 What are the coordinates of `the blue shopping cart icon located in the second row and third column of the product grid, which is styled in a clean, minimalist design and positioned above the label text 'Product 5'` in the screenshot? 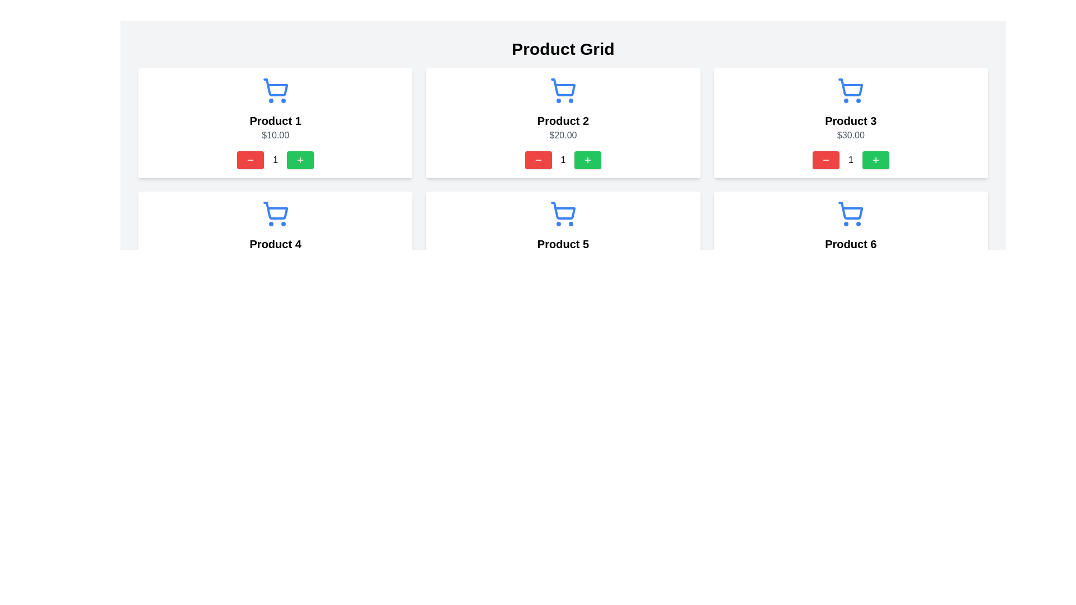 It's located at (563, 211).